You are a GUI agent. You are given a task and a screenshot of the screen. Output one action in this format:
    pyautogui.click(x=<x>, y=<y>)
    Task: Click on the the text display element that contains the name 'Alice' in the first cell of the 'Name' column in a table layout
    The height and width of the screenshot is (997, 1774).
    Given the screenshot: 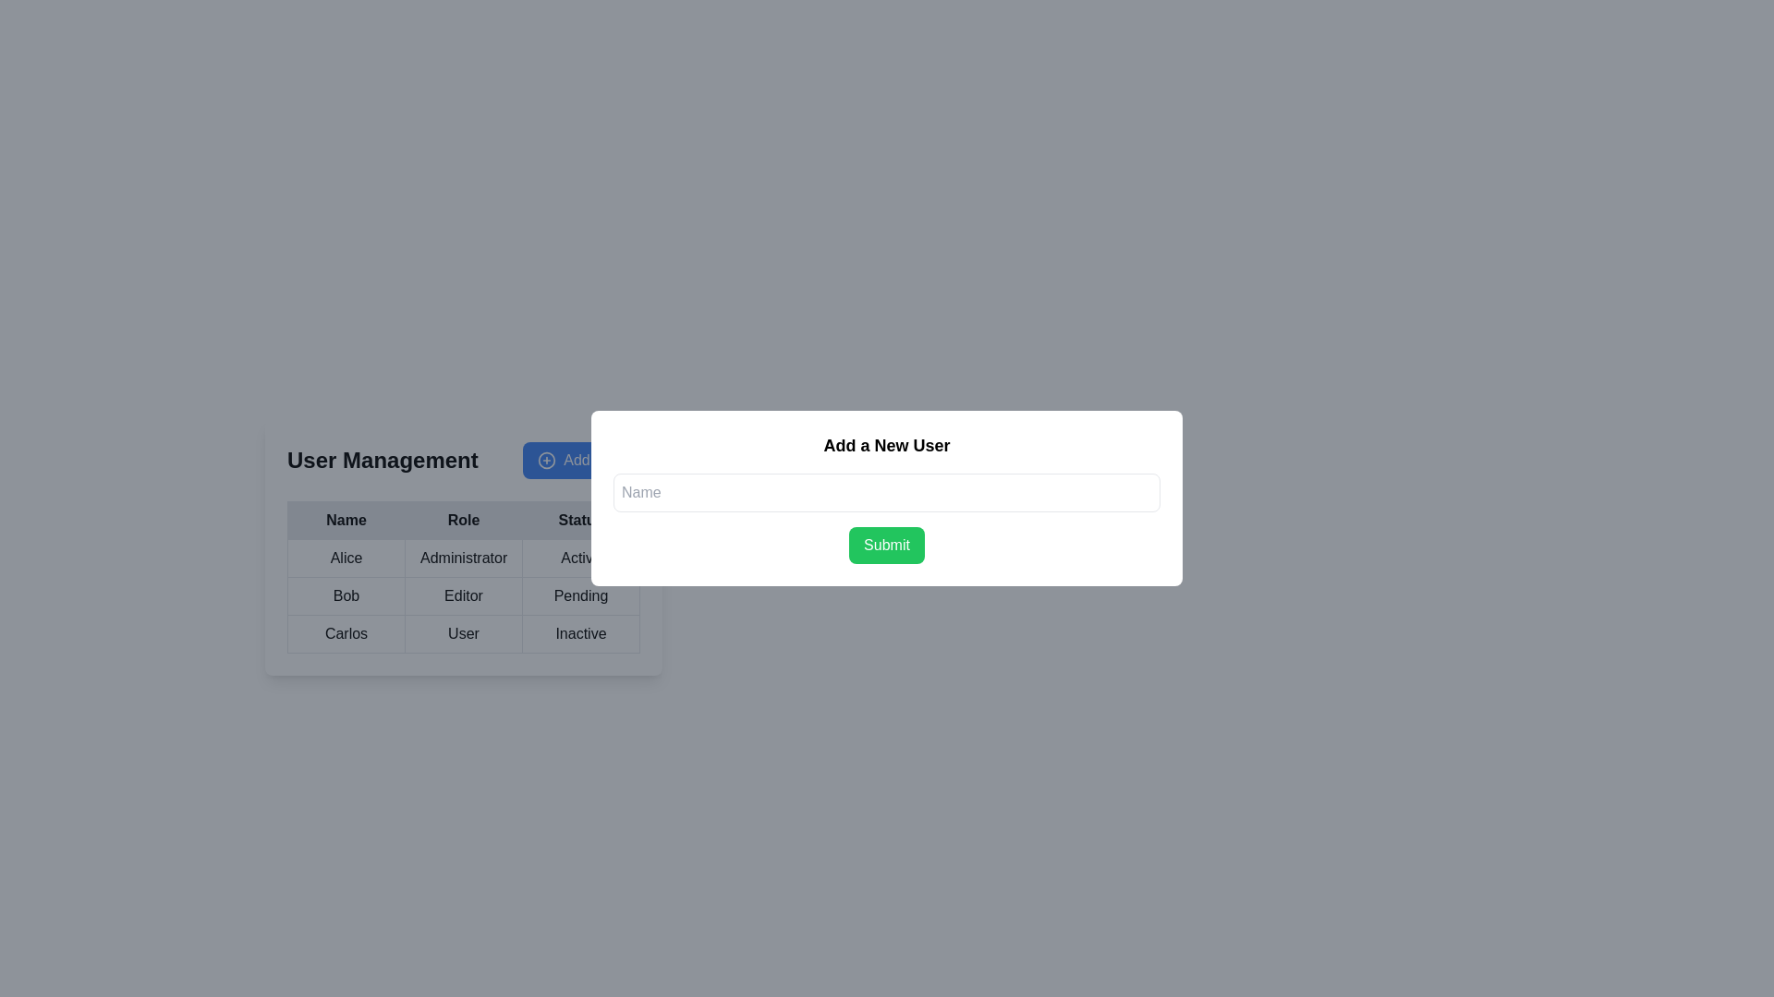 What is the action you would take?
    pyautogui.click(x=346, y=558)
    